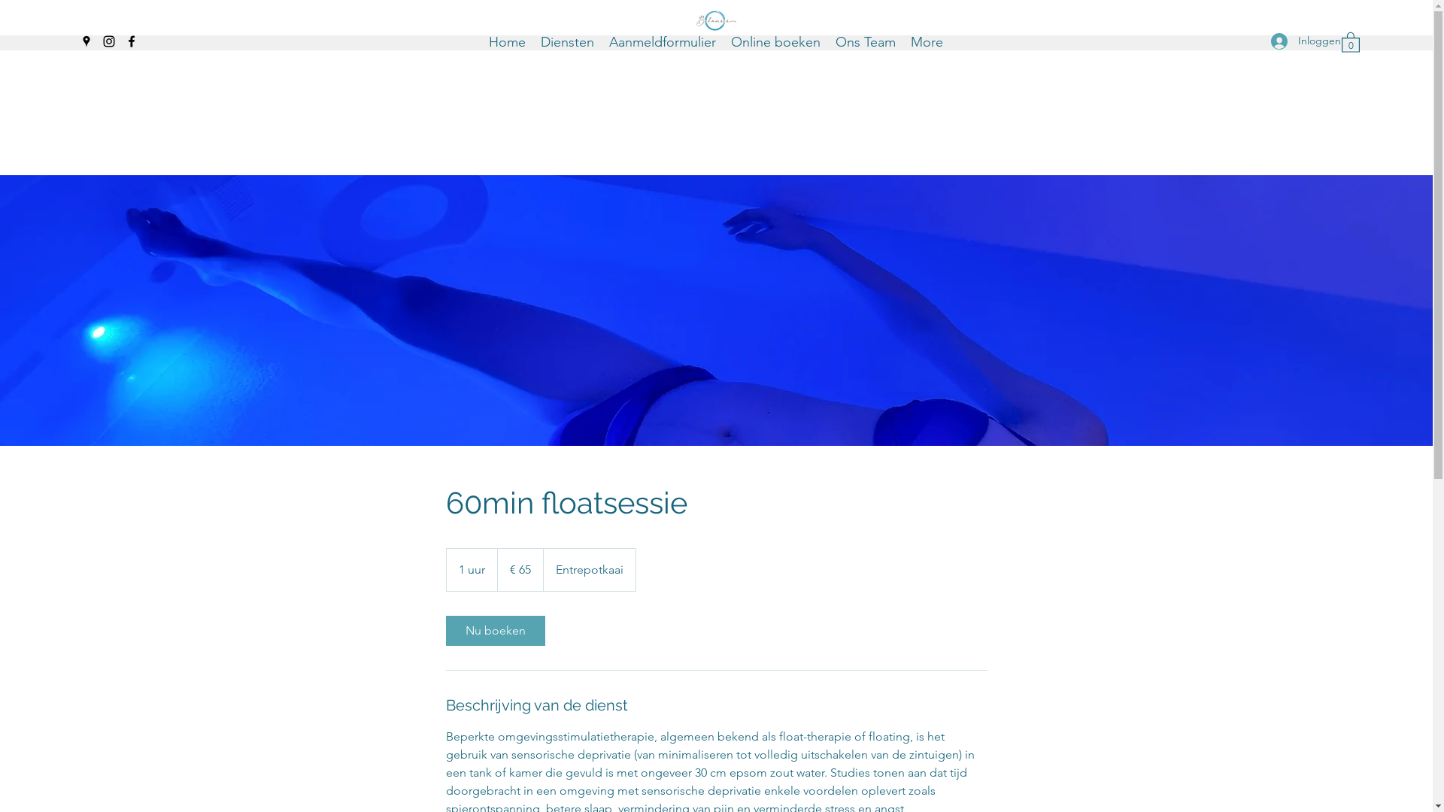 The width and height of the screenshot is (1444, 812). Describe the element at coordinates (494, 631) in the screenshot. I see `'Nu boeken'` at that location.